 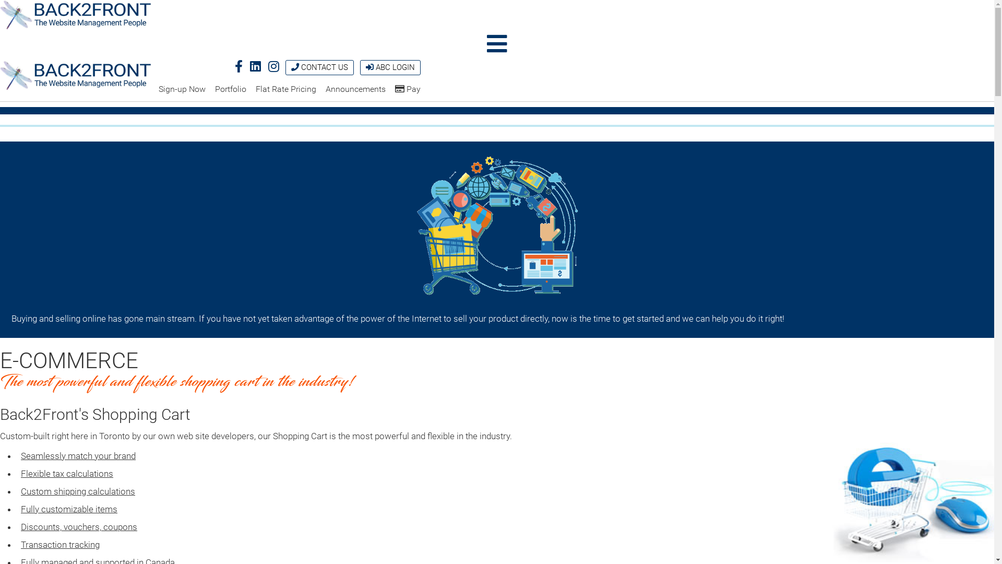 I want to click on 'Back2Front', so click(x=75, y=16).